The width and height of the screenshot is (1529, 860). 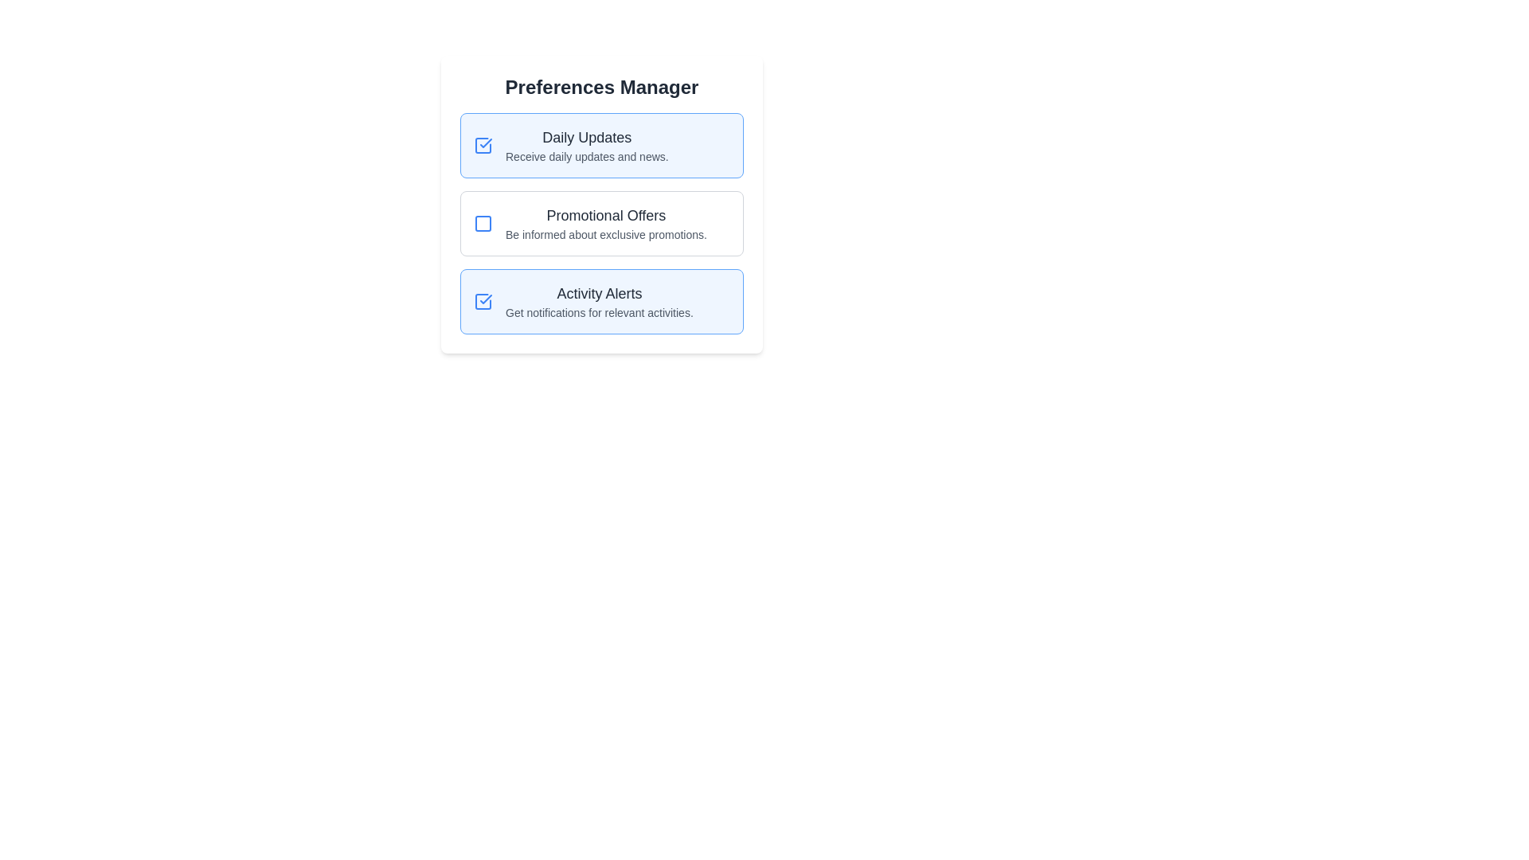 I want to click on the 'Promotional Offers' option within the 'Preferences Manager' section, so click(x=600, y=204).